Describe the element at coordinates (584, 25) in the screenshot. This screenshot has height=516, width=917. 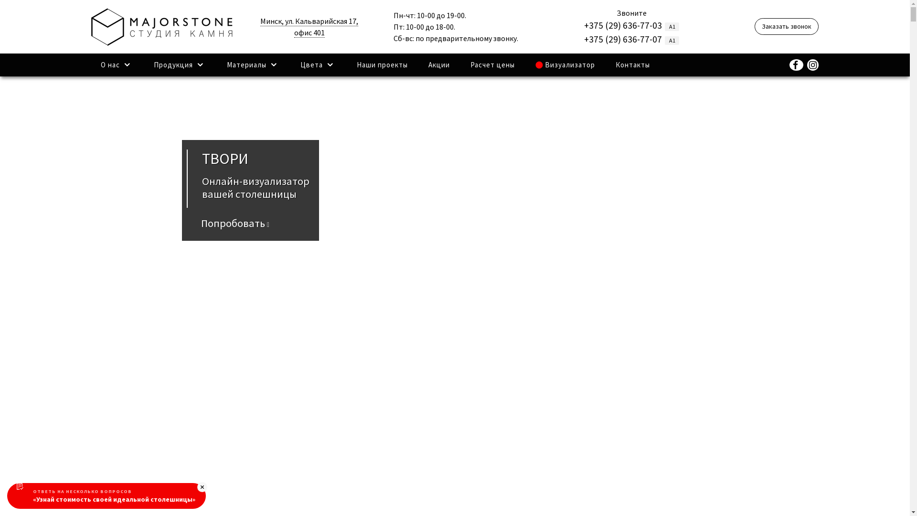
I see `'+375 (29) 636-77-03'` at that location.